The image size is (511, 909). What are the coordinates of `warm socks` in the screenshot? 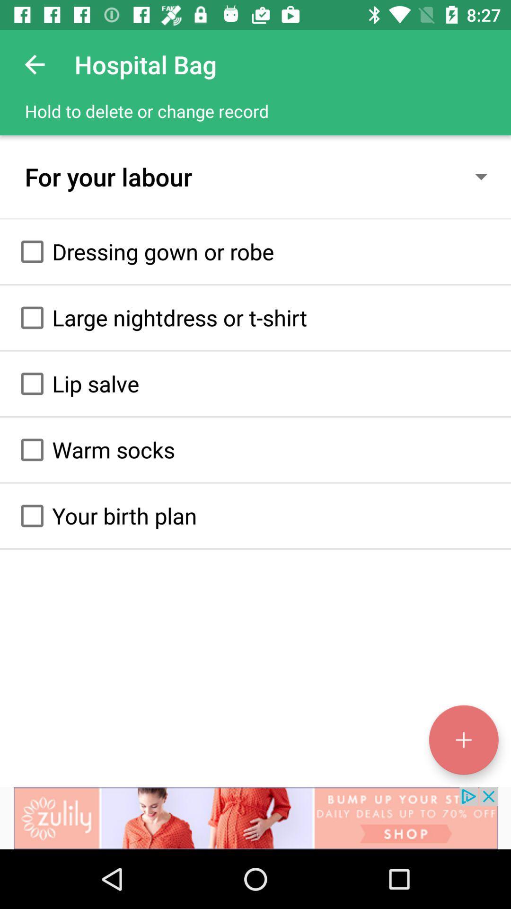 It's located at (32, 449).